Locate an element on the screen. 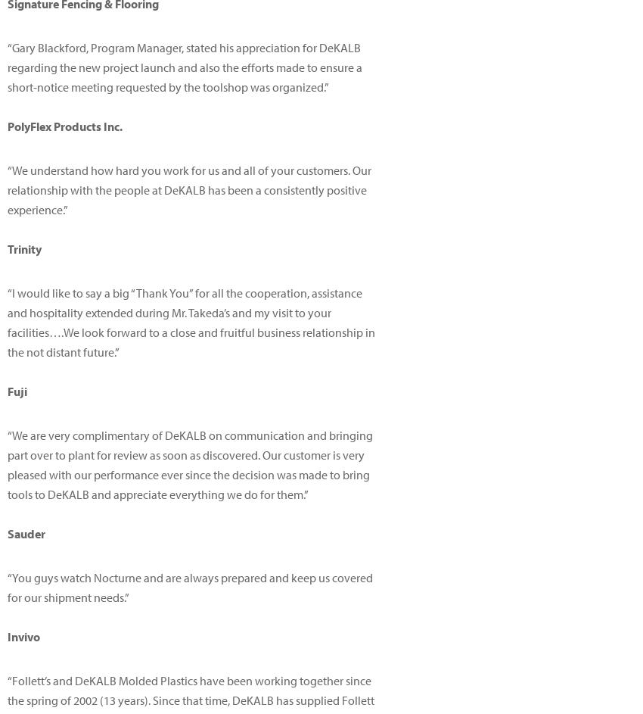 This screenshot has width=643, height=714. 'We understand how hard you work for us and all of your customers. Our relationship with the people at DeKALB has been a consistently positive experience.' is located at coordinates (7, 190).